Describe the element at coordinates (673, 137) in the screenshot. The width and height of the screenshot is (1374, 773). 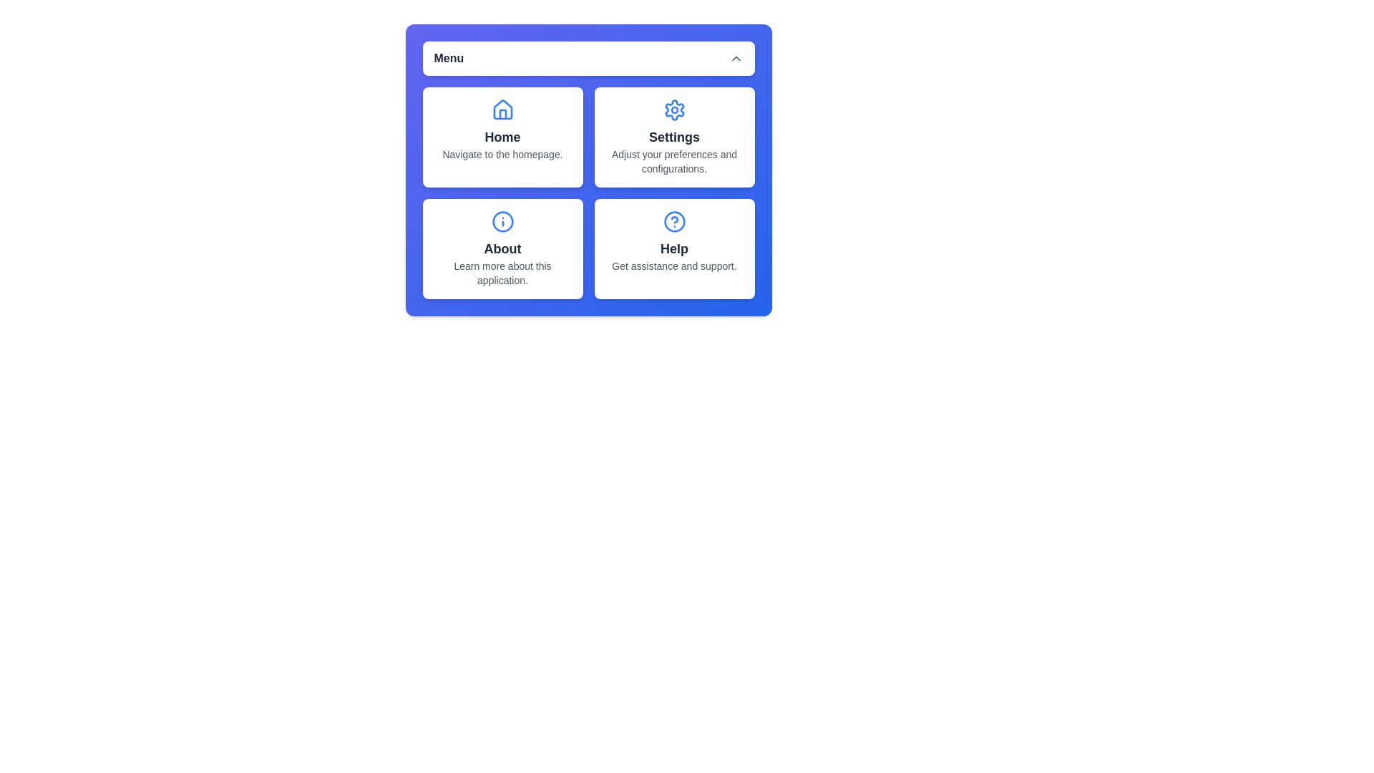
I see `the menu item Settings` at that location.